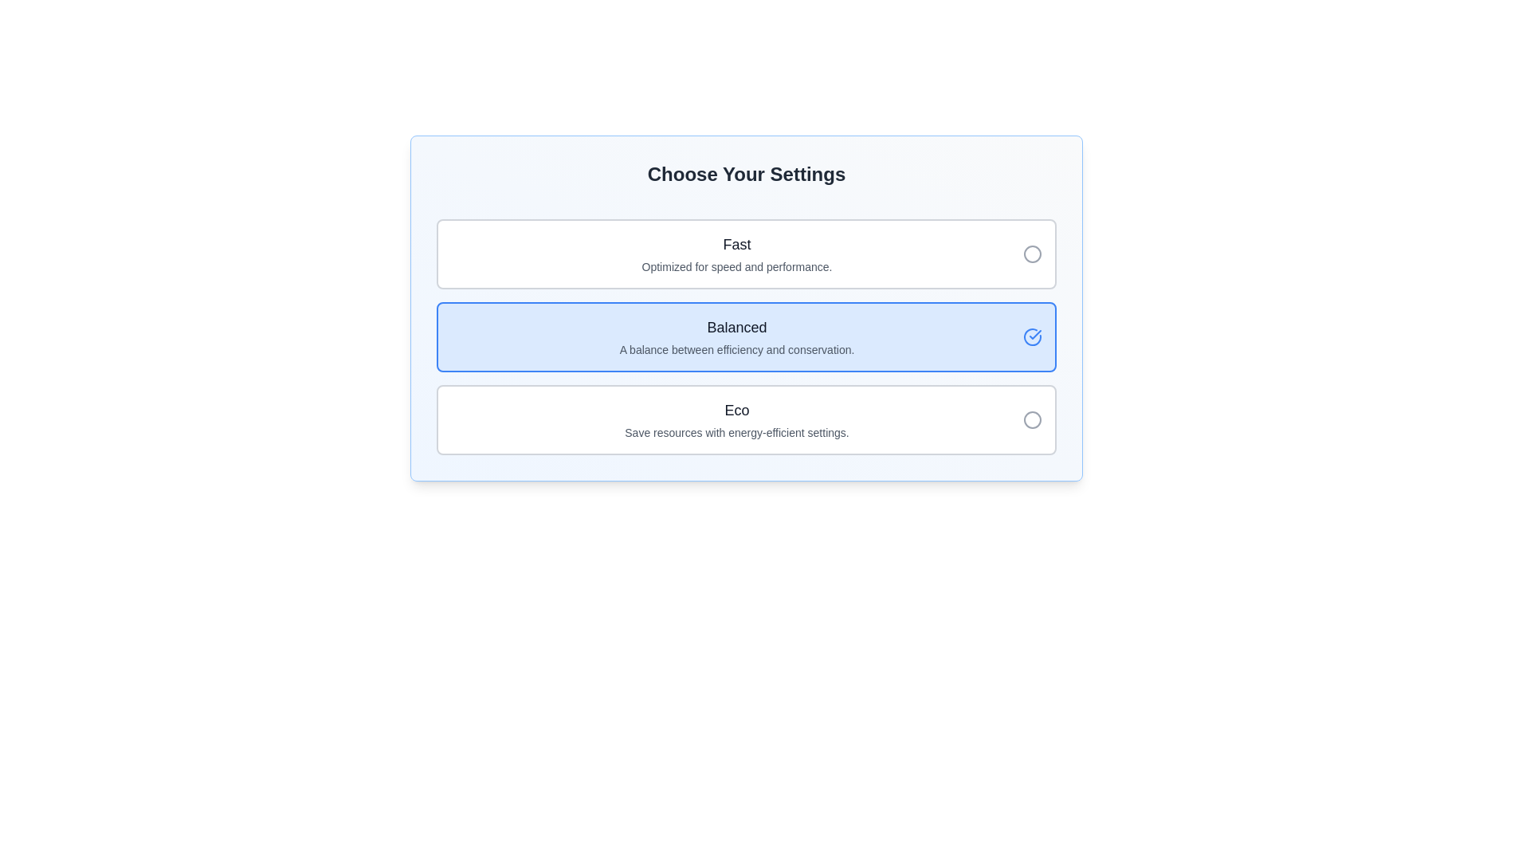 This screenshot has width=1530, height=861. I want to click on the 'Balanced' selectable card option in the settings menu, so click(745, 308).